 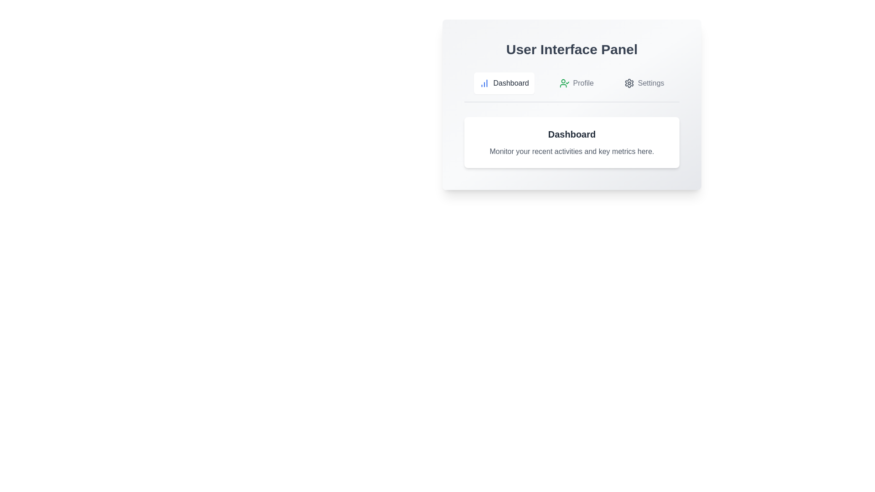 I want to click on the Settings button to observe its hover effect, so click(x=643, y=83).